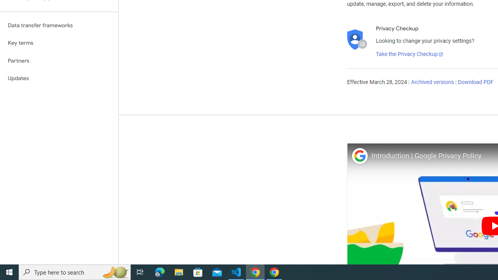 The width and height of the screenshot is (498, 280). I want to click on 'Archived versions', so click(432, 82).